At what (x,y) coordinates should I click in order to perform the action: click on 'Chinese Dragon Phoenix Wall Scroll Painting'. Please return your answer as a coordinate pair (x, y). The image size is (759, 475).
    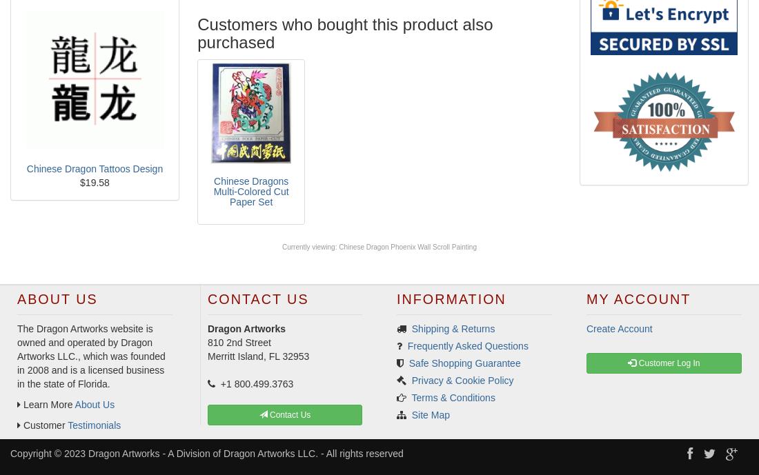
    Looking at the image, I should click on (339, 245).